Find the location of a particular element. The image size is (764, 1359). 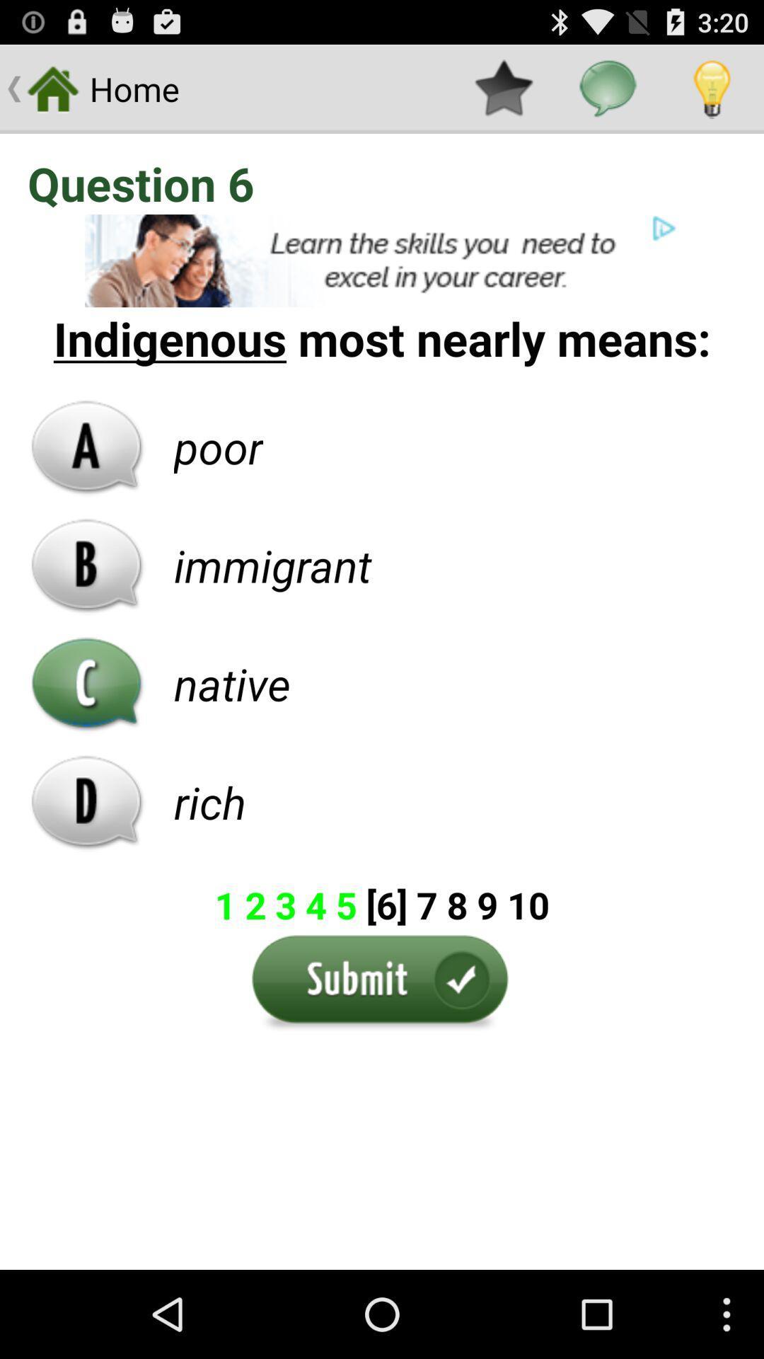

the font icon is located at coordinates (87, 478).